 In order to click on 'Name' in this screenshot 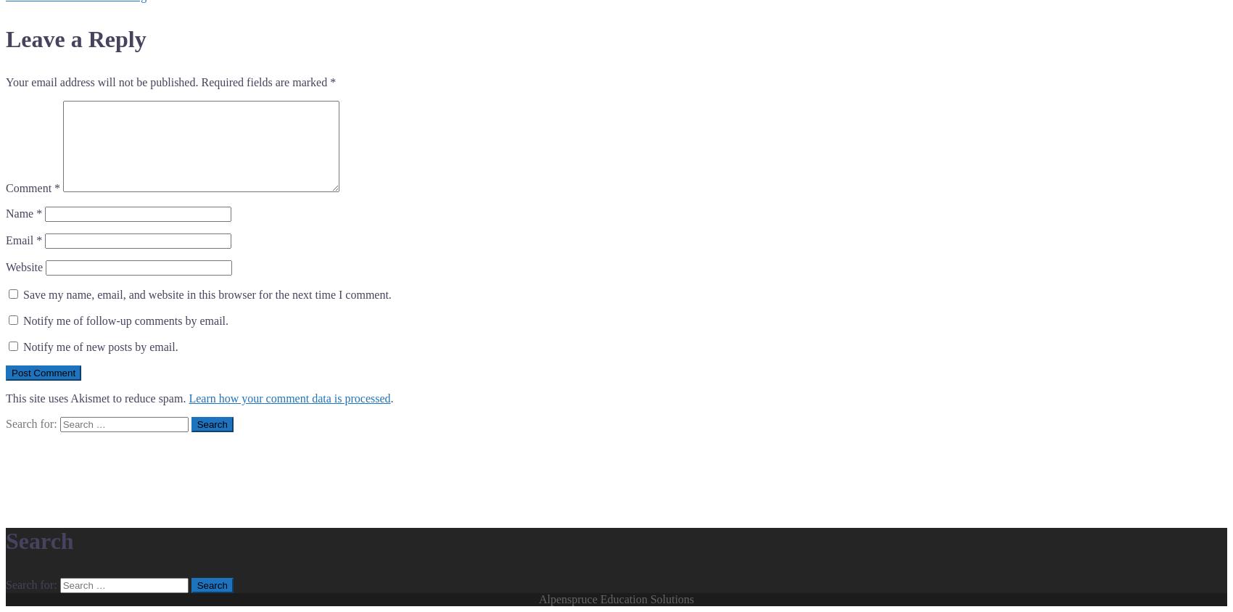, I will do `click(21, 212)`.